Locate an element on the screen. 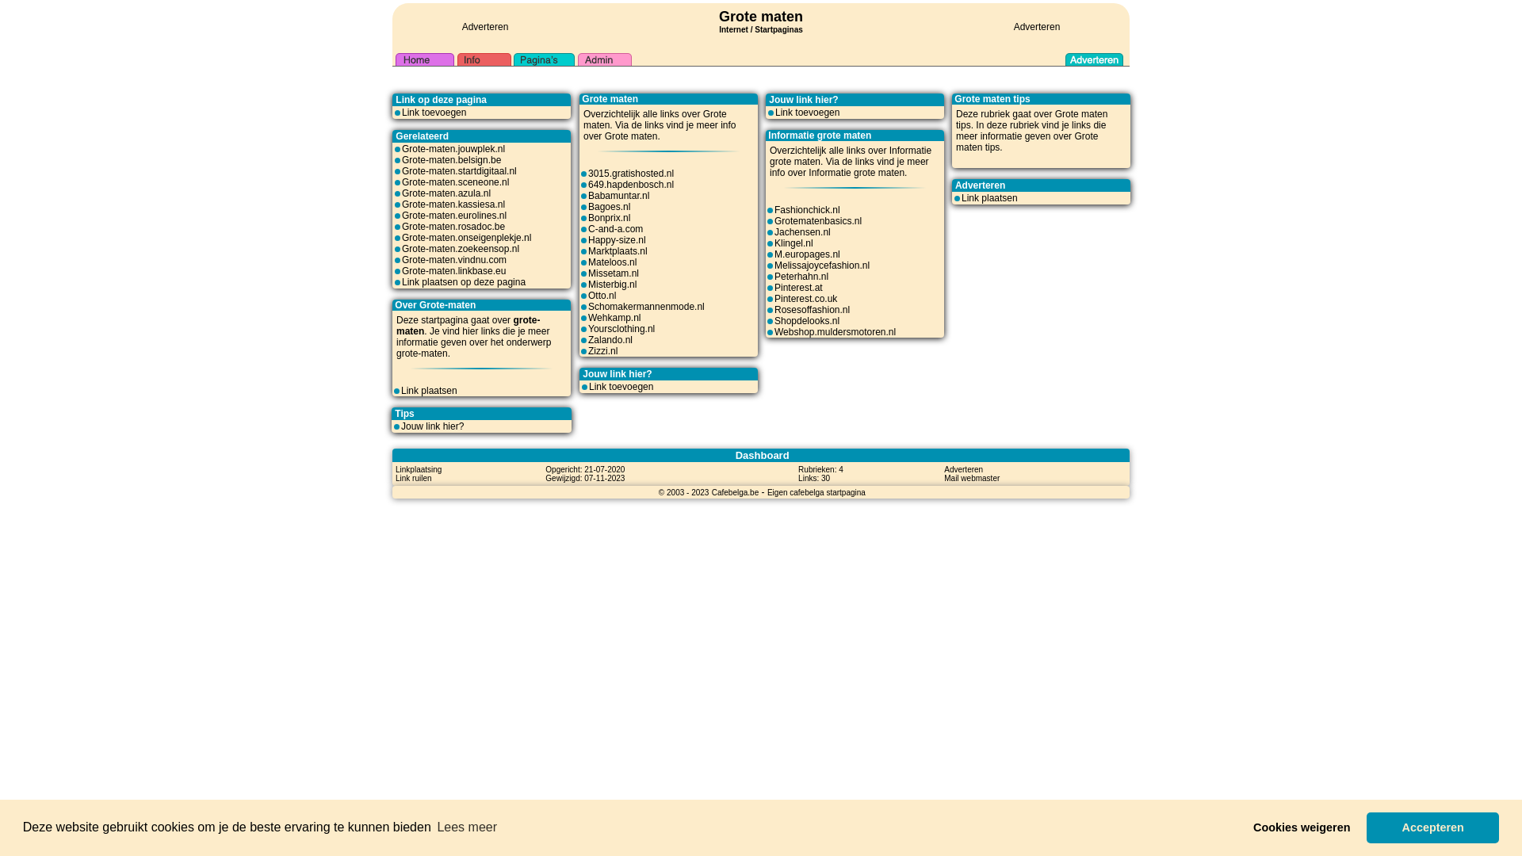 Image resolution: width=1522 pixels, height=856 pixels. 'Shopdelooks.nl' is located at coordinates (806, 321).